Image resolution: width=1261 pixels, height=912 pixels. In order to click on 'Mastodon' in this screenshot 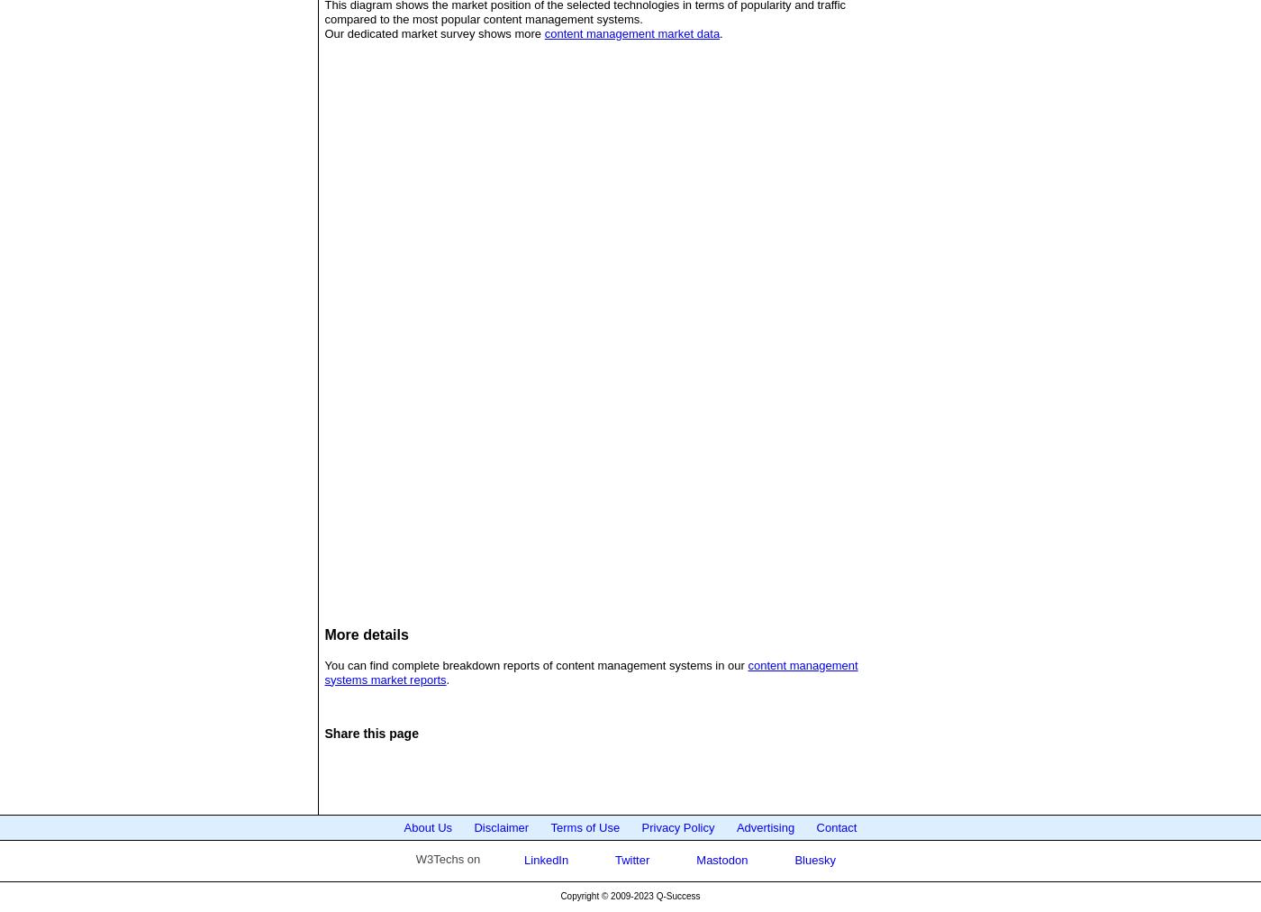, I will do `click(693, 859)`.